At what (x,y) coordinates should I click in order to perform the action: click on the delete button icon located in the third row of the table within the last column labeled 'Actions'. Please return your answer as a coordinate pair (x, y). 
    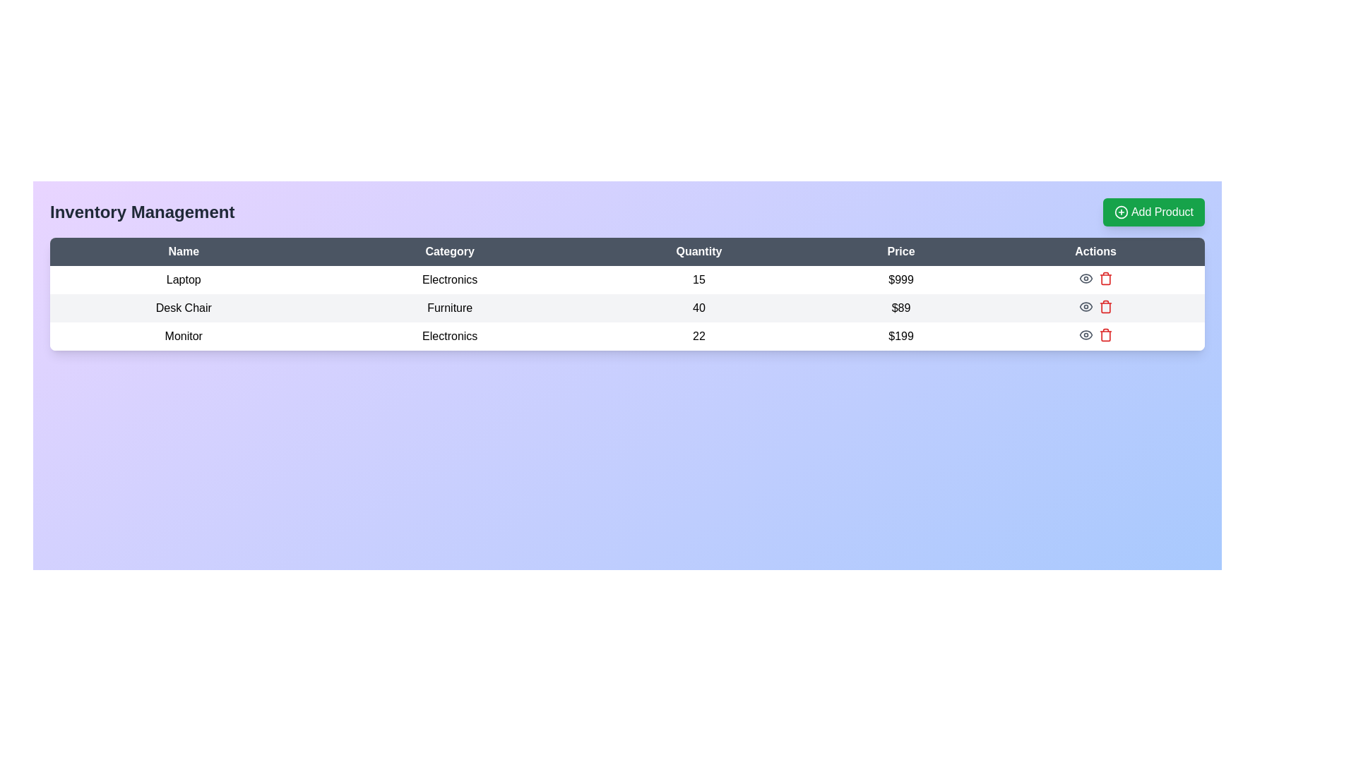
    Looking at the image, I should click on (1105, 306).